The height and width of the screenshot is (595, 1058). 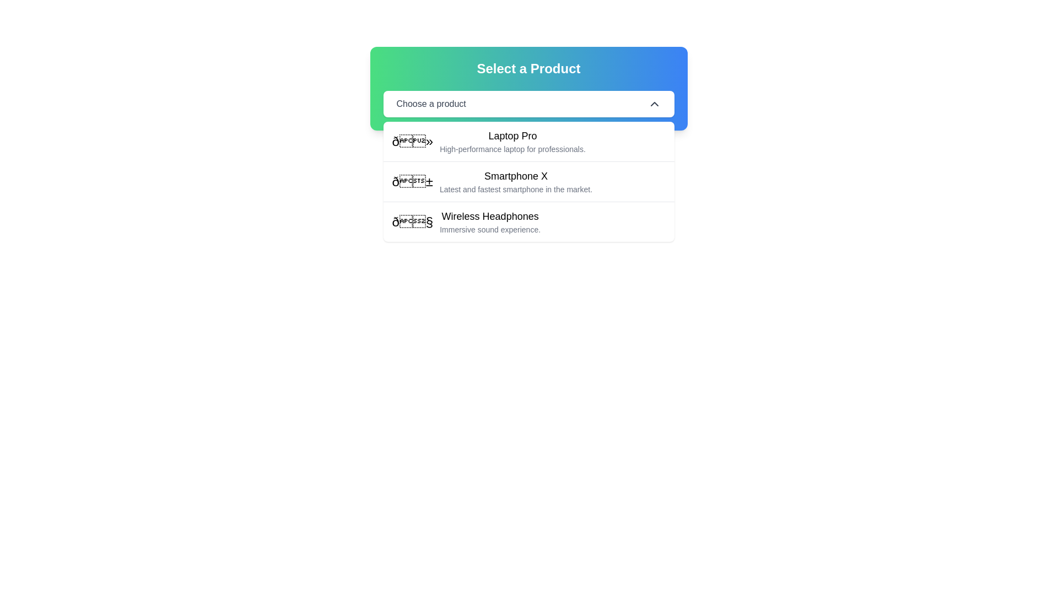 I want to click on the third selectable item in the product selection dropdown menu, so click(x=528, y=221).